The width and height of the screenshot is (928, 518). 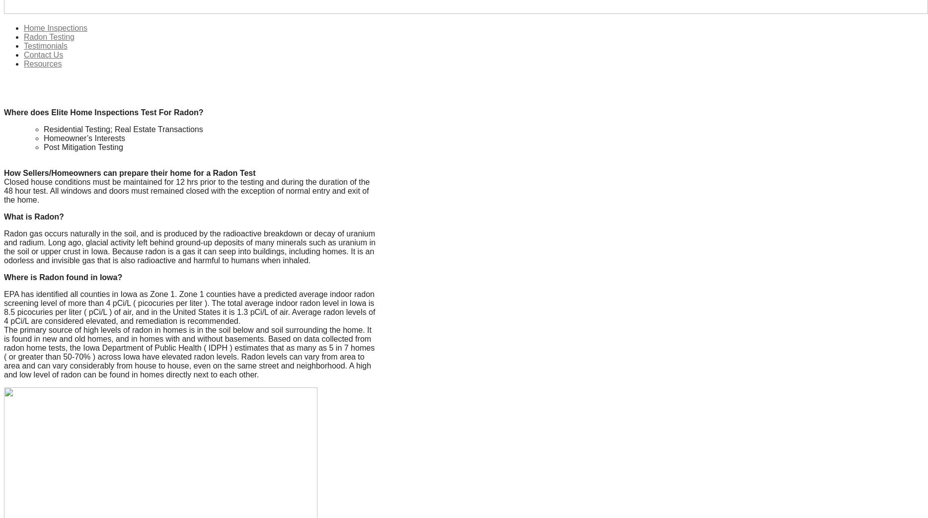 What do you see at coordinates (189, 246) in the screenshot?
I see `'Radon gas occurs naturally in the soil, and is produced by the radioactive breakdown or decay of uranium and radium. Long ago, glacial activity left behind ground-up deposits of many minerals such as uranium in the soil or upper crust in Iowa. Because radon is a gas it can seep into buildings, including homes. It is an odorless and invisible gas that is also radioactive and harmful to humans when inhaled.'` at bounding box center [189, 246].